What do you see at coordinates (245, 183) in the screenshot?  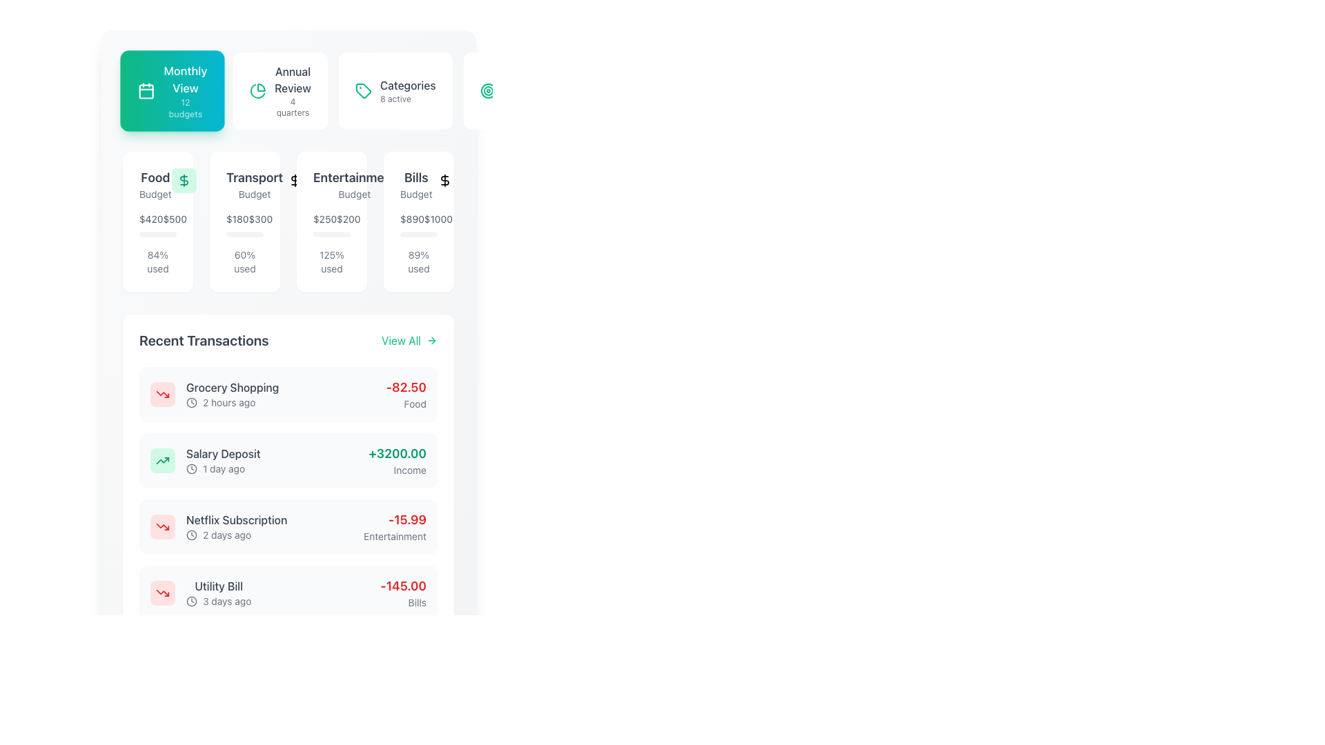 I see `the Text Label that indicates the budget category 'Transport', which is located in the top section of the second budget card from the left` at bounding box center [245, 183].